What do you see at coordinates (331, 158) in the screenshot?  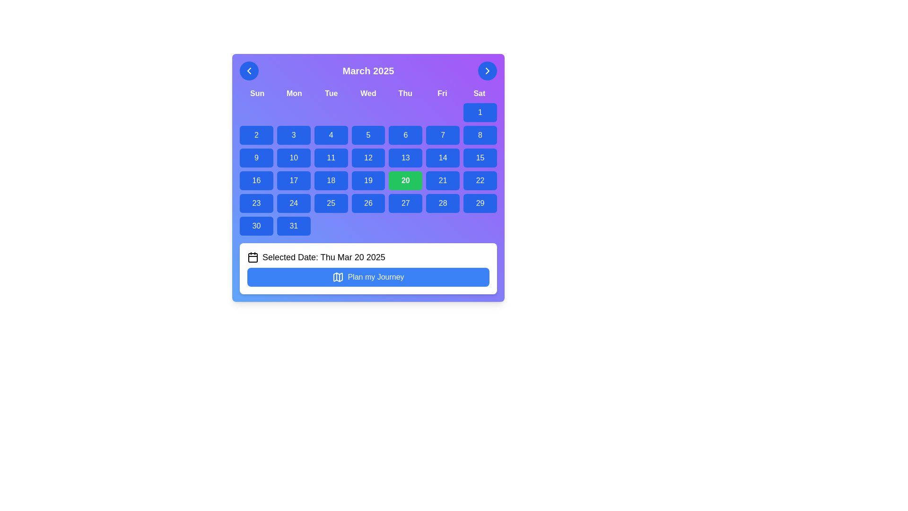 I see `the blue rounded rectangular button displaying '11'` at bounding box center [331, 158].